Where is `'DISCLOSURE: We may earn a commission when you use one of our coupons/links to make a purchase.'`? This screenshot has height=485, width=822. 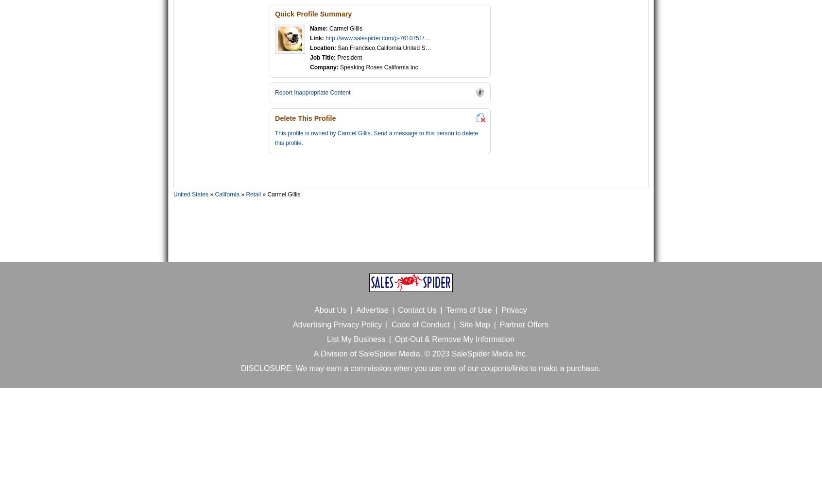
'DISCLOSURE: We may earn a commission when you use one of our coupons/links to make a purchase.' is located at coordinates (420, 368).